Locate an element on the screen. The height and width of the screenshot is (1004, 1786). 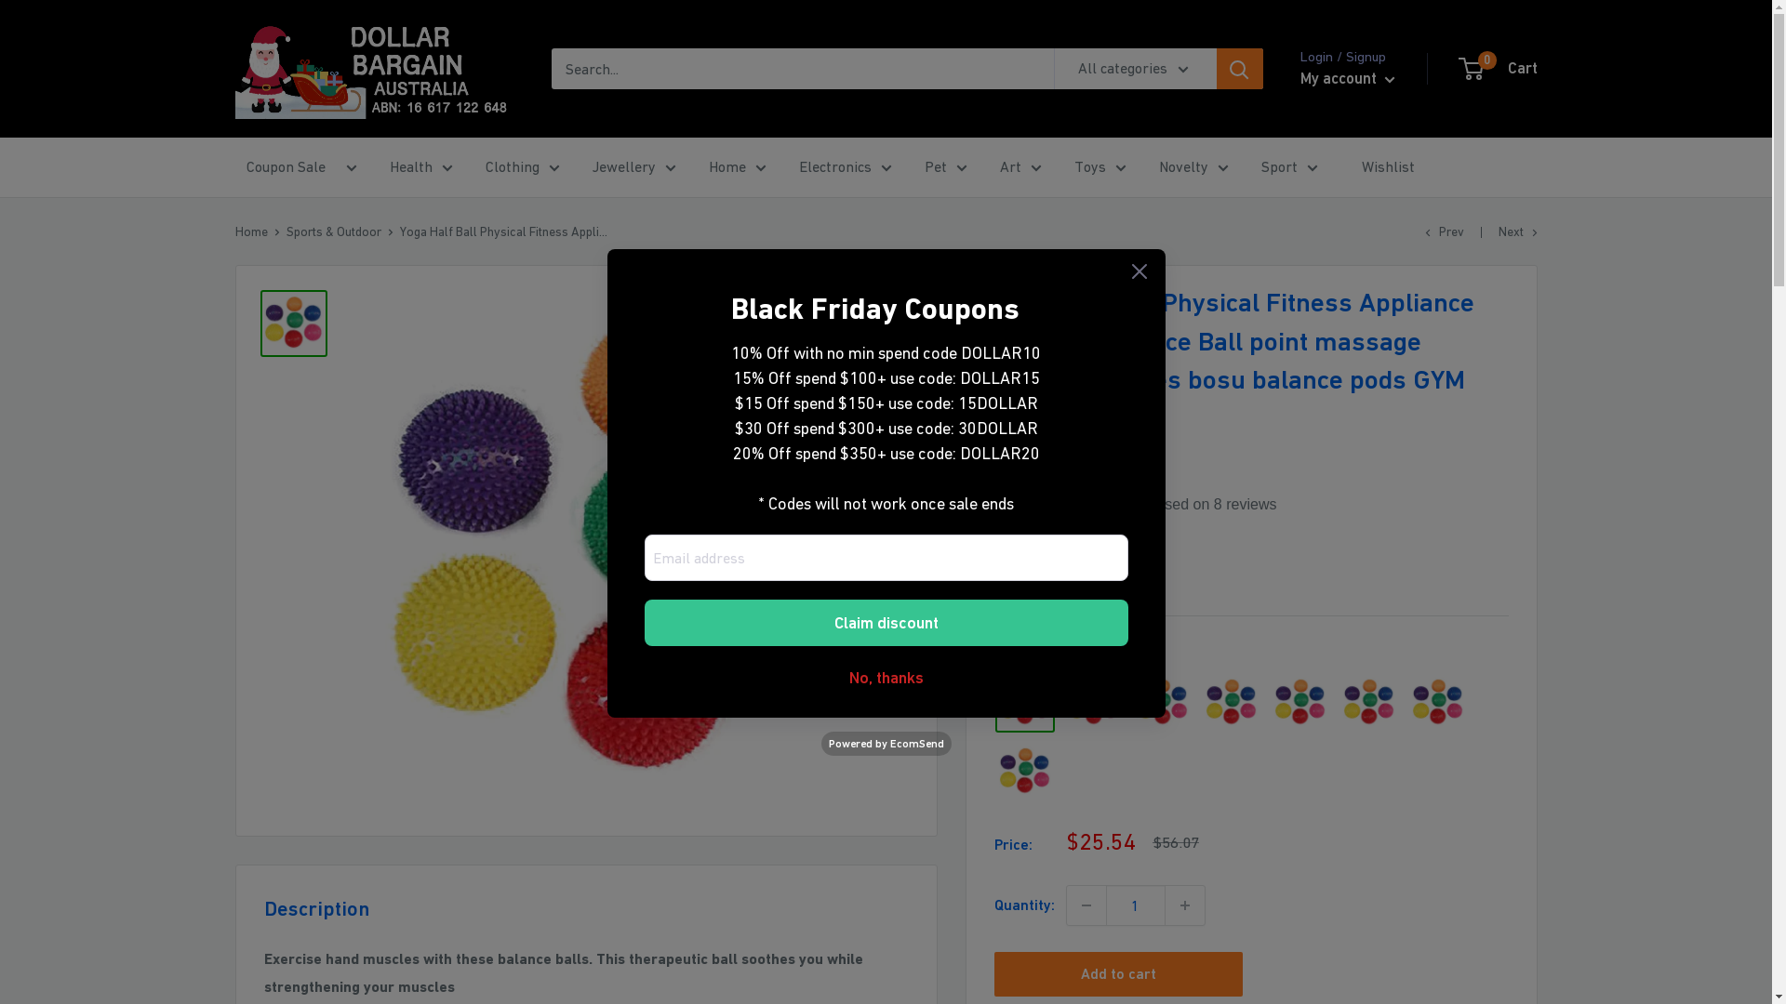
'Pink' is located at coordinates (1299, 703).